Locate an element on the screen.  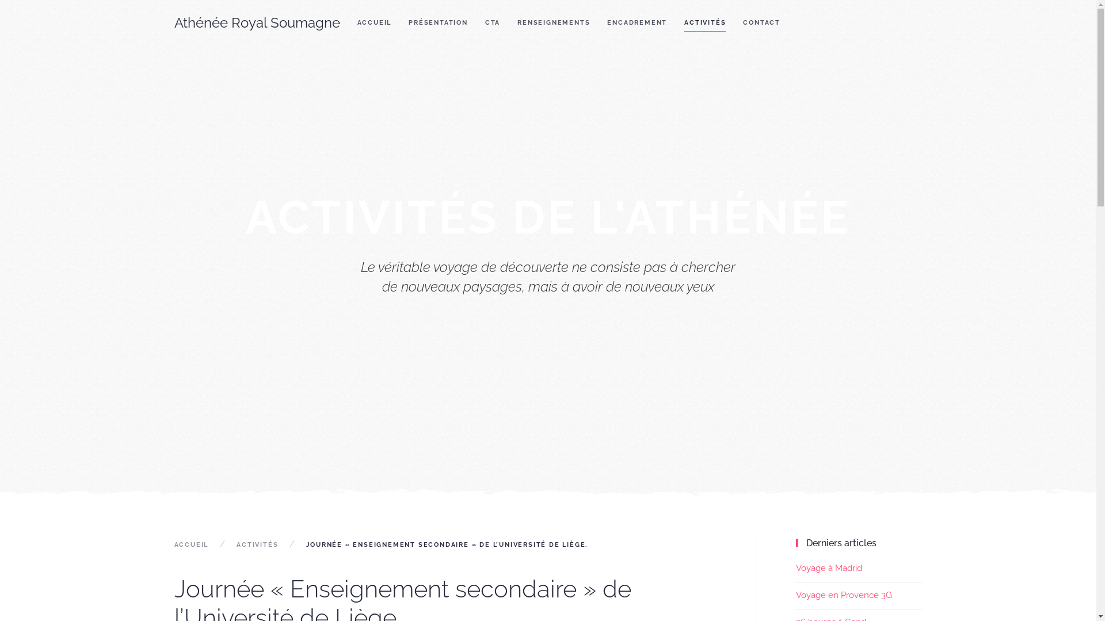
'ENCADREMENT' is located at coordinates (637, 22).